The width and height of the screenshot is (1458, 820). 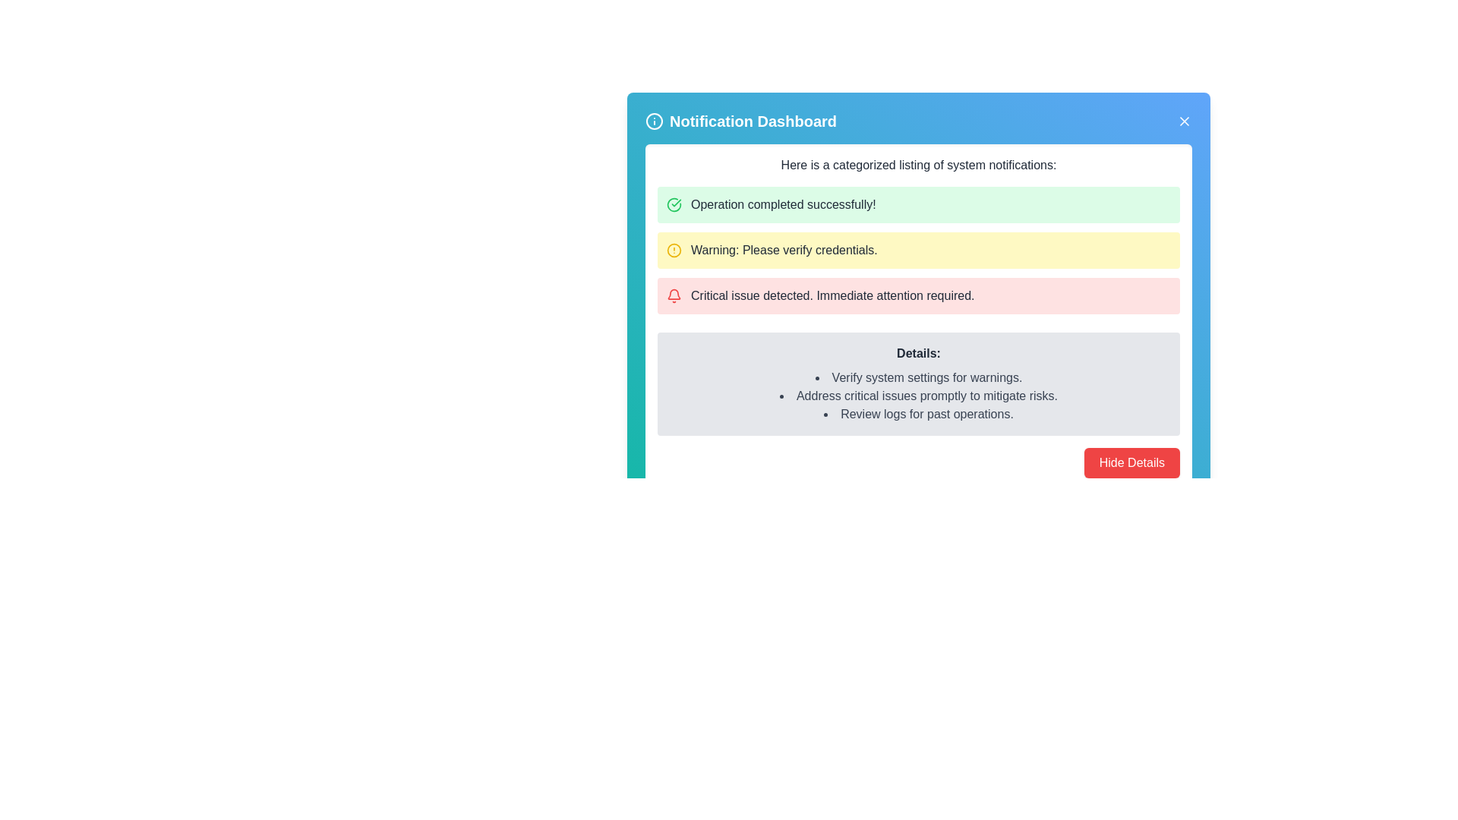 I want to click on the circular green checkmark icon, which symbolizes success, located in the notification dashboard, so click(x=674, y=205).